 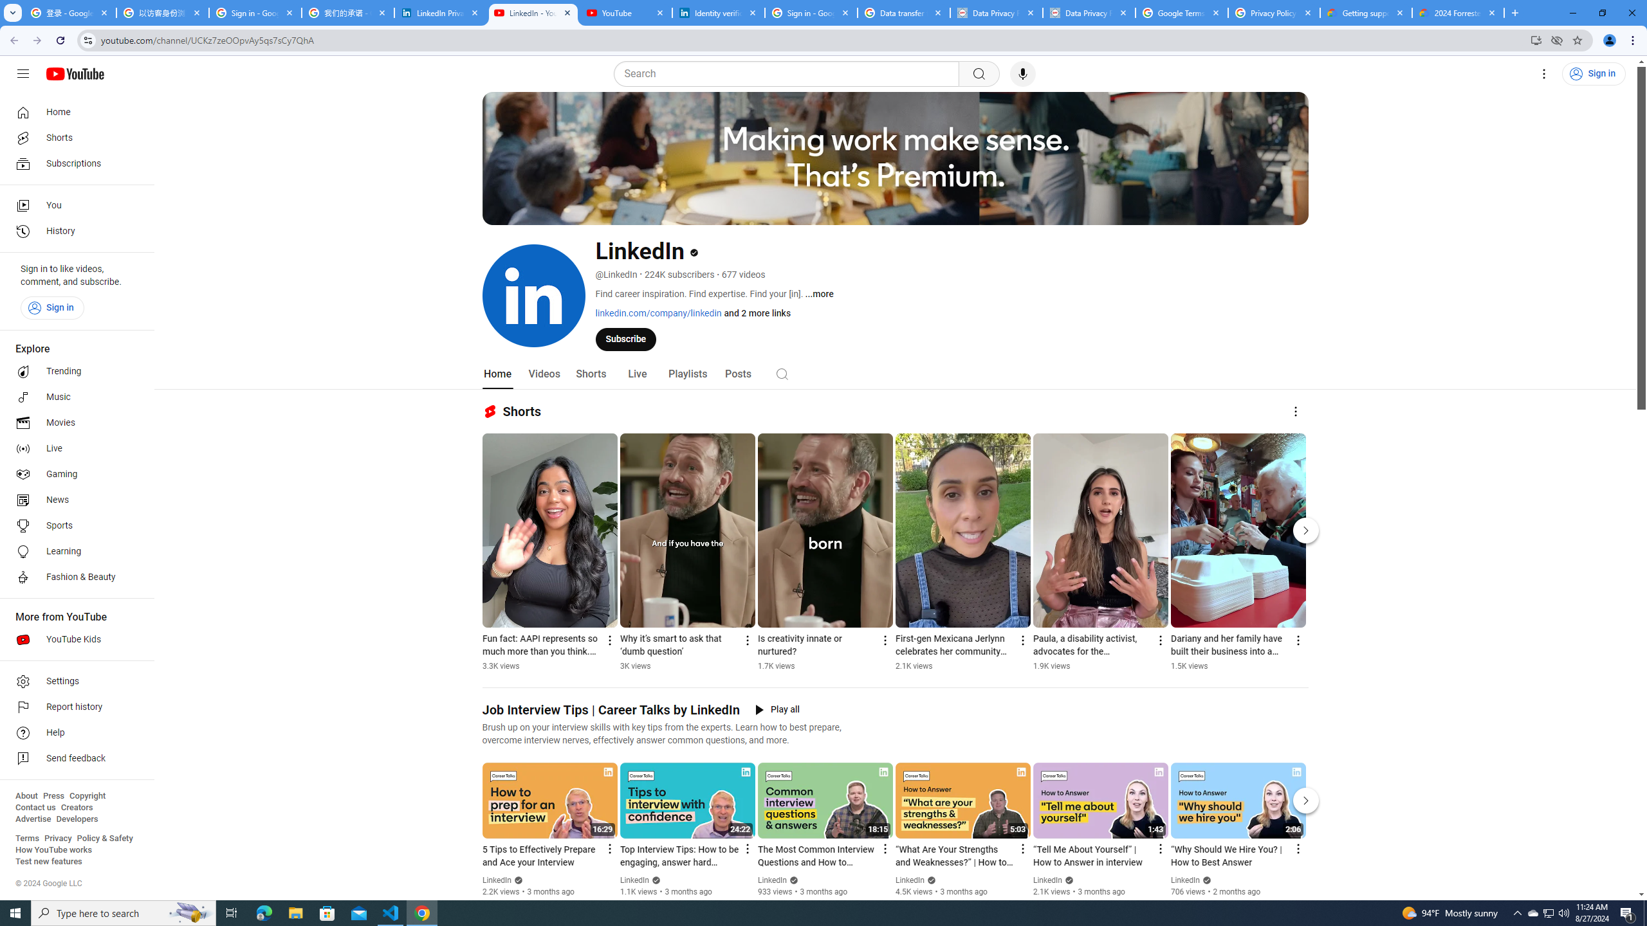 I want to click on 'Job Interview Tips | Career Talks by LinkedIn', so click(x=611, y=709).